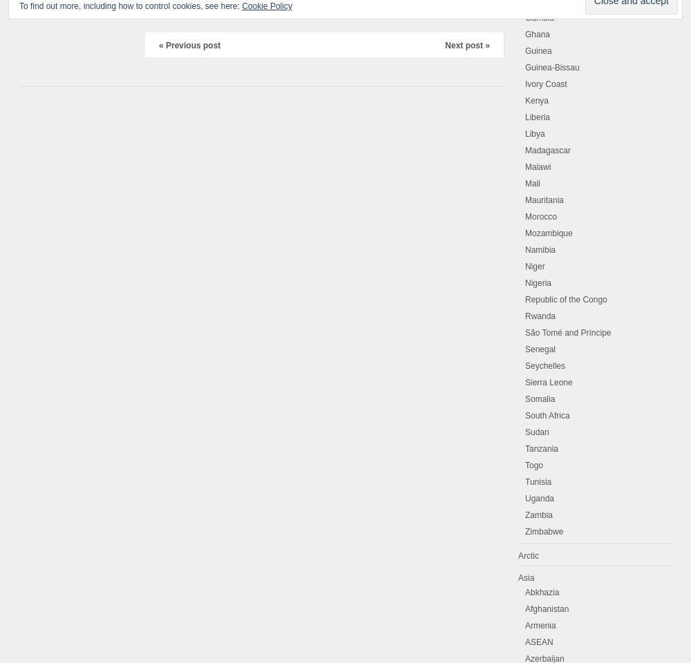 This screenshot has width=691, height=663. Describe the element at coordinates (534, 465) in the screenshot. I see `'Togo'` at that location.